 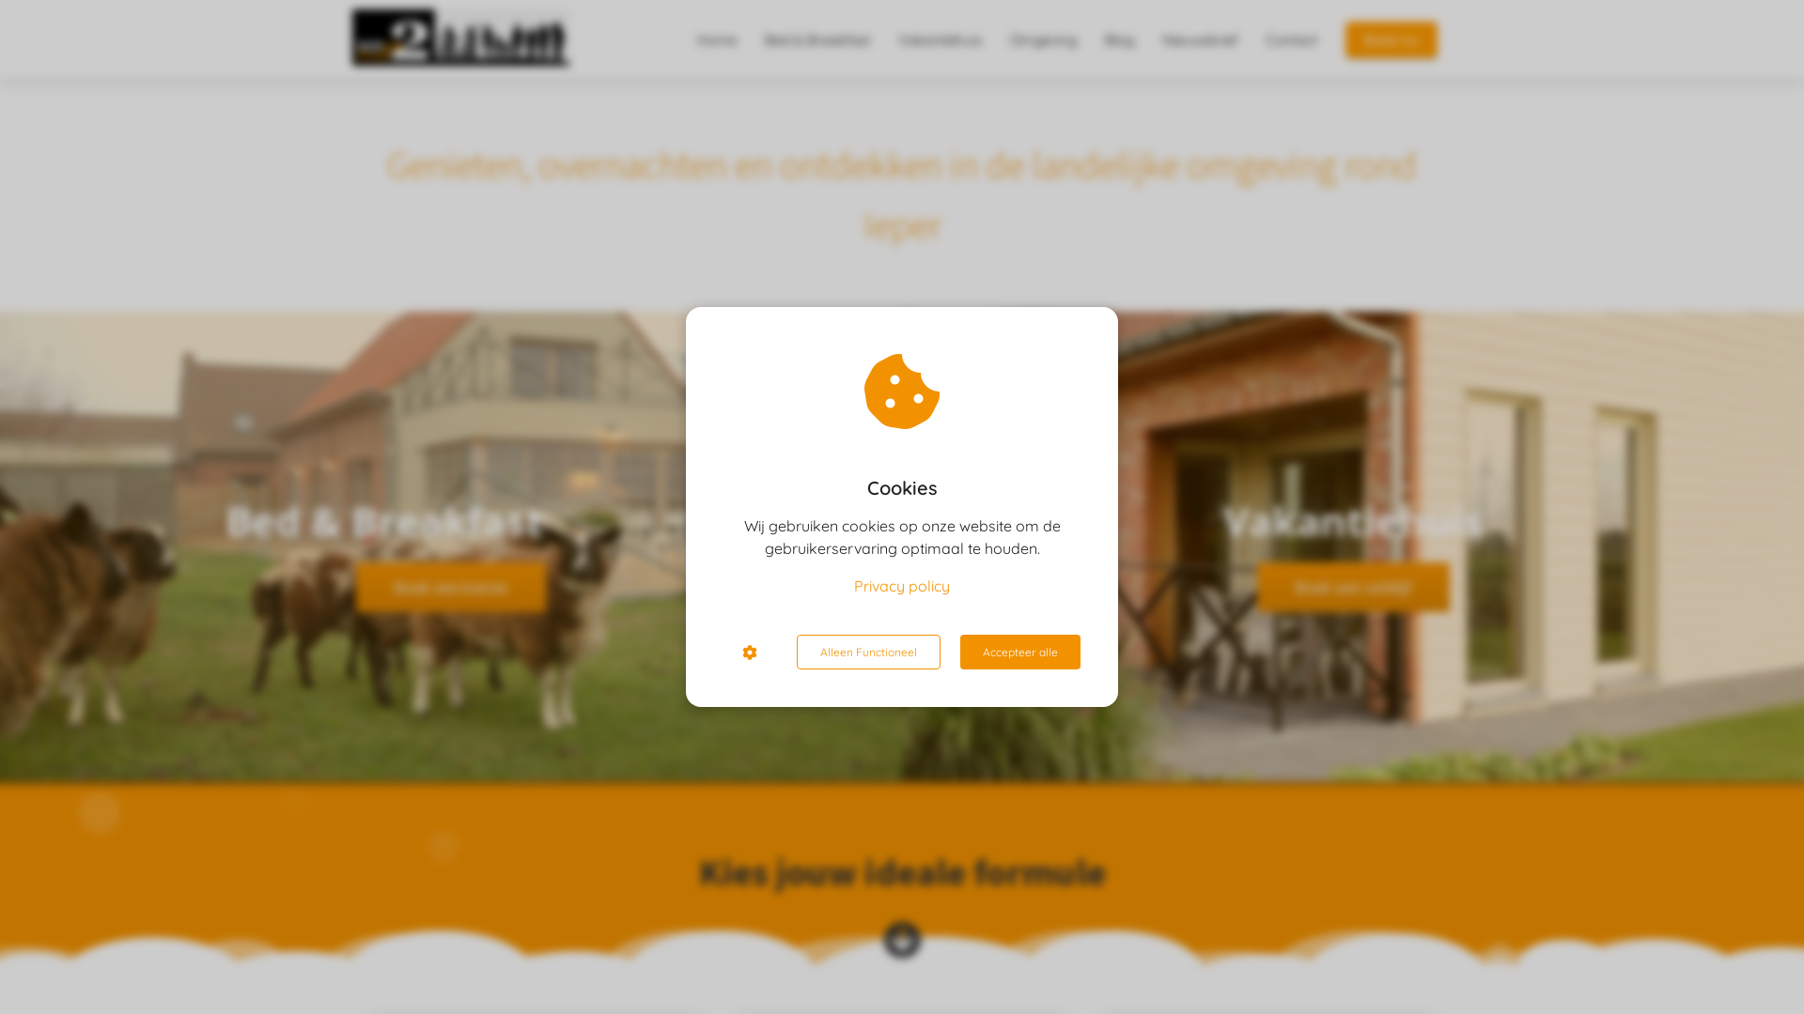 What do you see at coordinates (451, 589) in the screenshot?
I see `'Boek een kamer'` at bounding box center [451, 589].